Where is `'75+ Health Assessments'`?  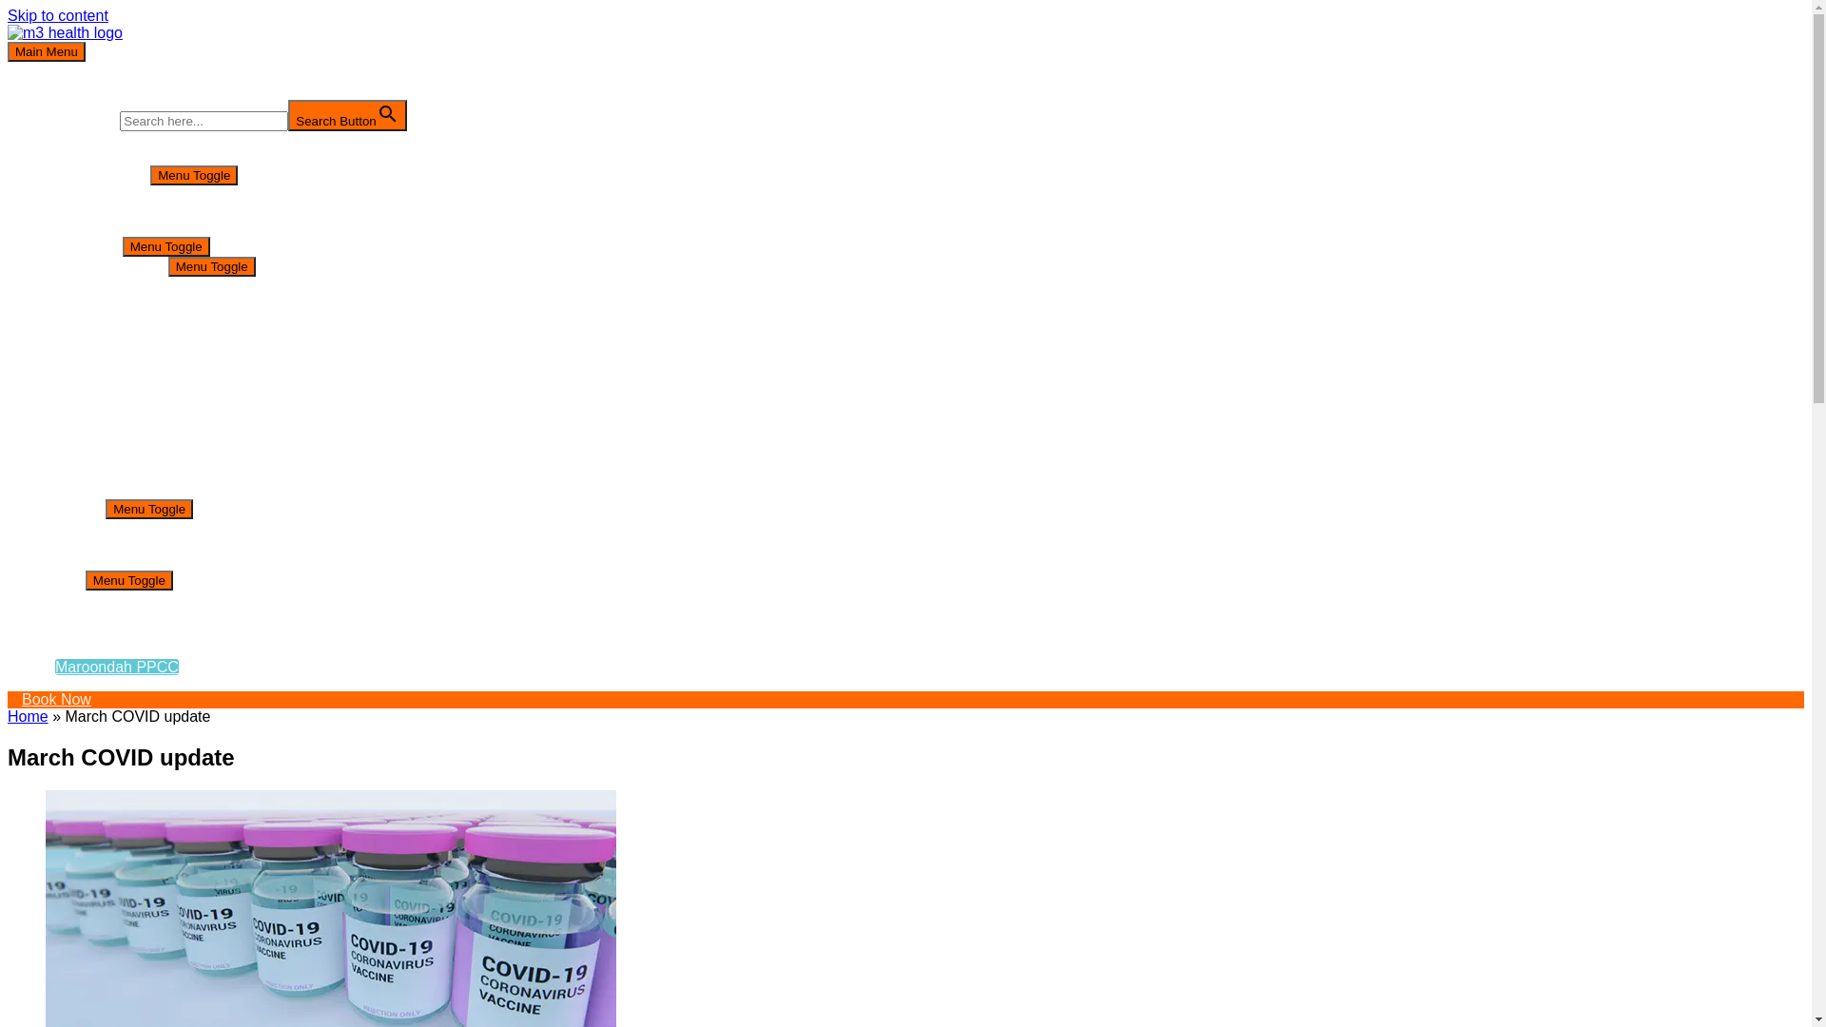 '75+ Health Assessments' is located at coordinates (205, 335).